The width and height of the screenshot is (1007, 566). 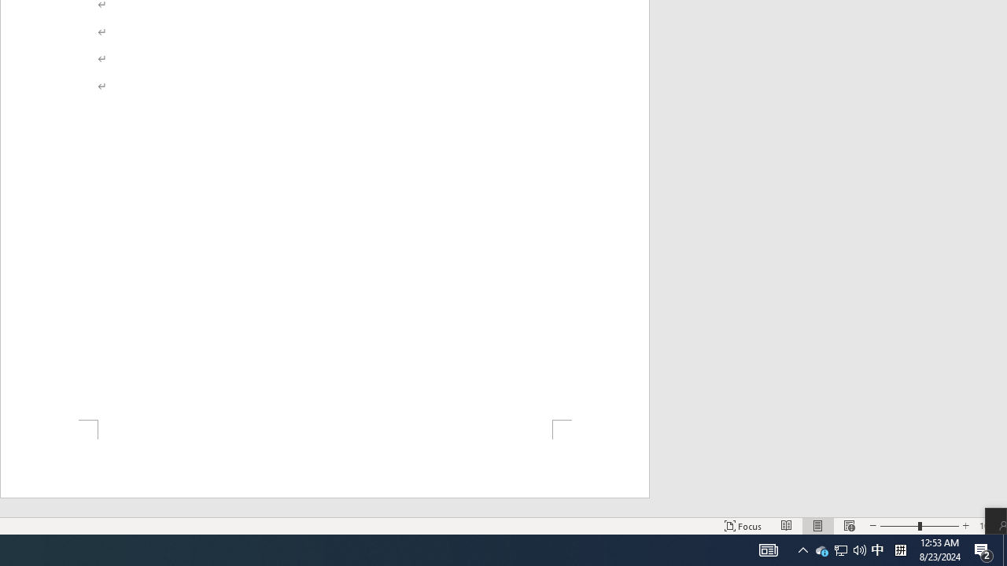 What do you see at coordinates (919, 526) in the screenshot?
I see `'Zoom'` at bounding box center [919, 526].